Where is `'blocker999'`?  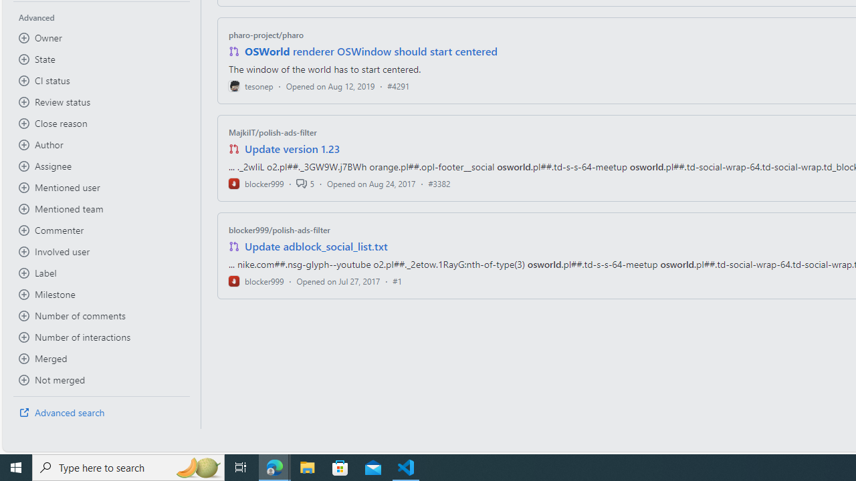
'blocker999' is located at coordinates (256, 280).